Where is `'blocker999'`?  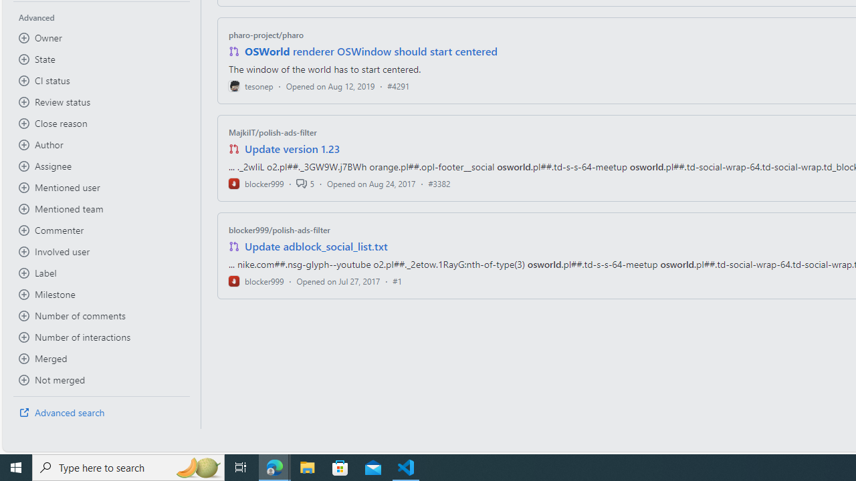
'blocker999' is located at coordinates (256, 280).